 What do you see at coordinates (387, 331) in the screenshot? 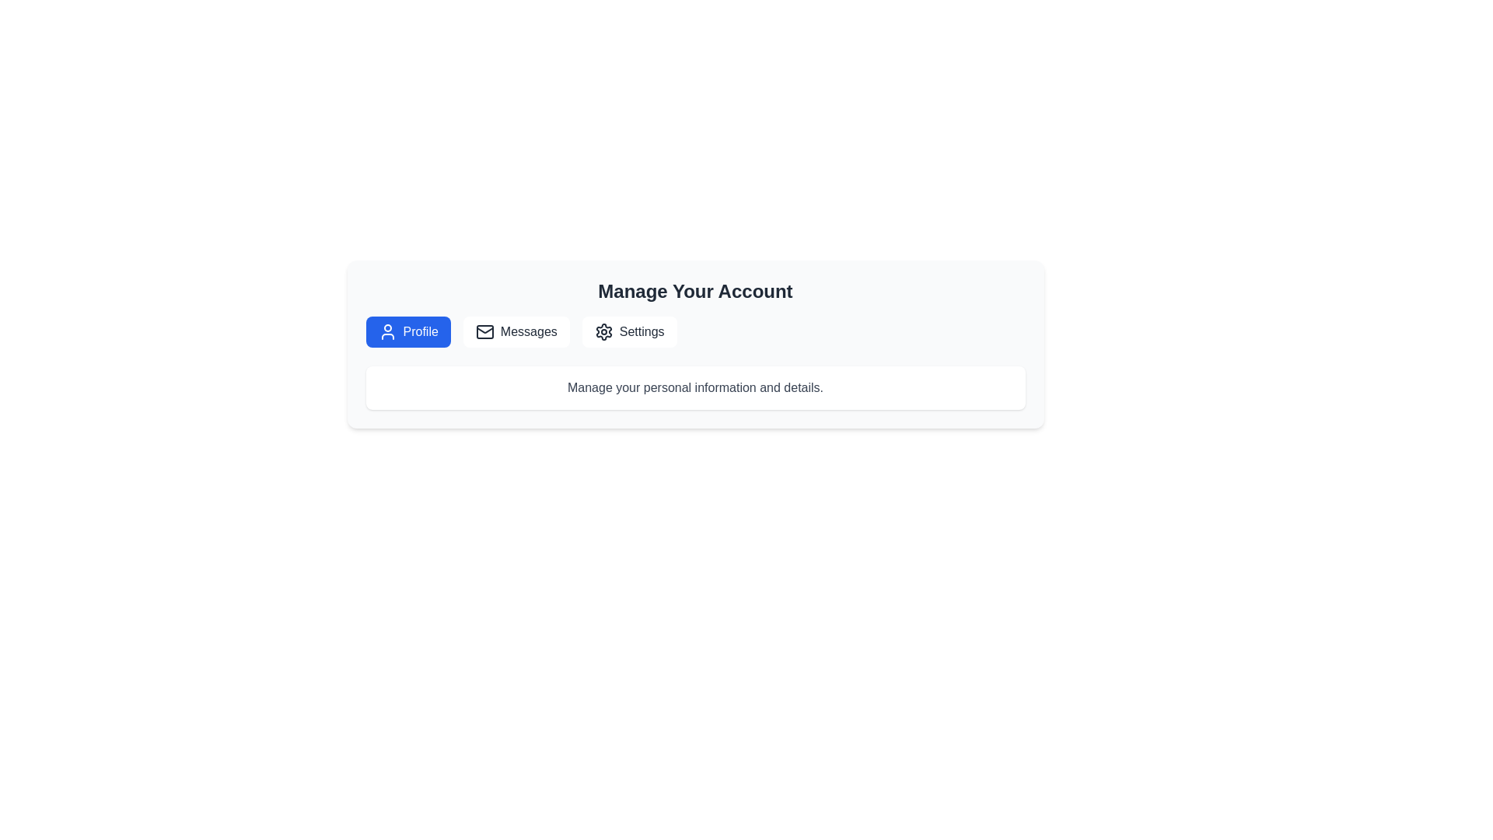
I see `the user profile icon located inside the 'Profile' button, which is positioned to the left of the button text` at bounding box center [387, 331].